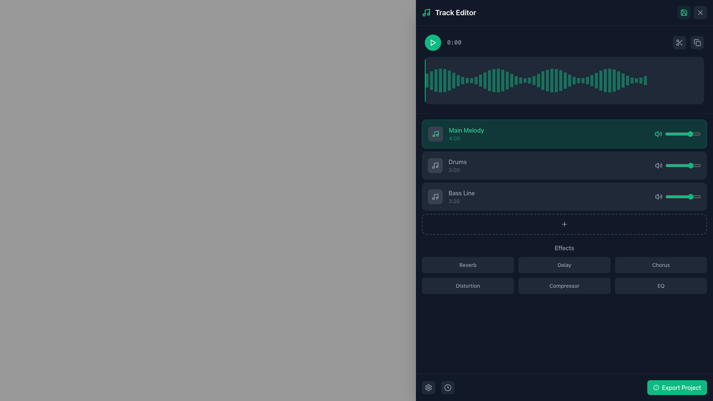 This screenshot has width=713, height=401. I want to click on the settings button located at the bottom left corner of the main interface panel, so click(428, 387).